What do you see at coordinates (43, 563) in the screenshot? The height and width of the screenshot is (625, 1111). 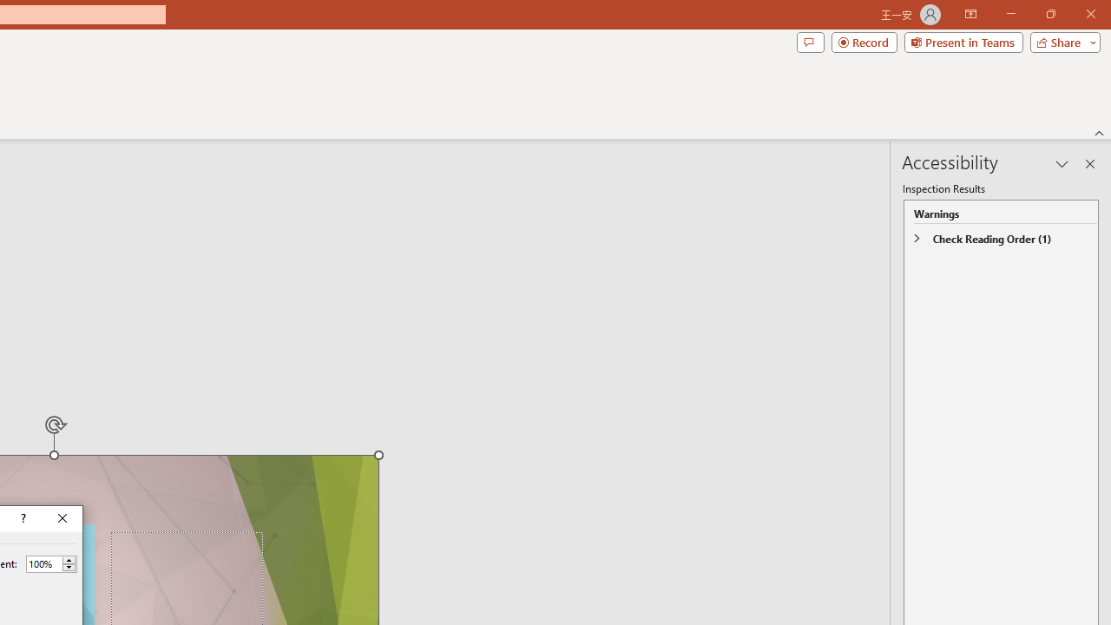 I see `'Percent'` at bounding box center [43, 563].